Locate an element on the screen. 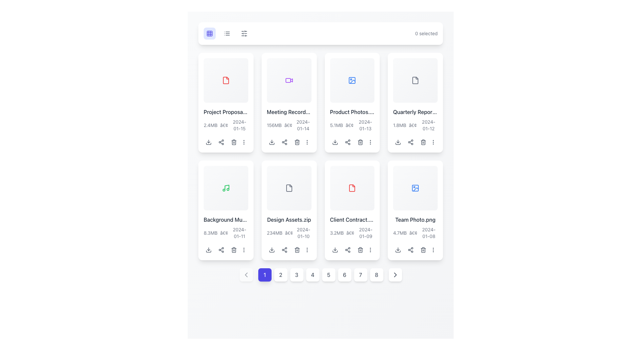 The width and height of the screenshot is (639, 359). the Text Label displaying '3.2MB' that is part of the file details for 'Client Contract.pdf' in the grid layout is located at coordinates (337, 232).